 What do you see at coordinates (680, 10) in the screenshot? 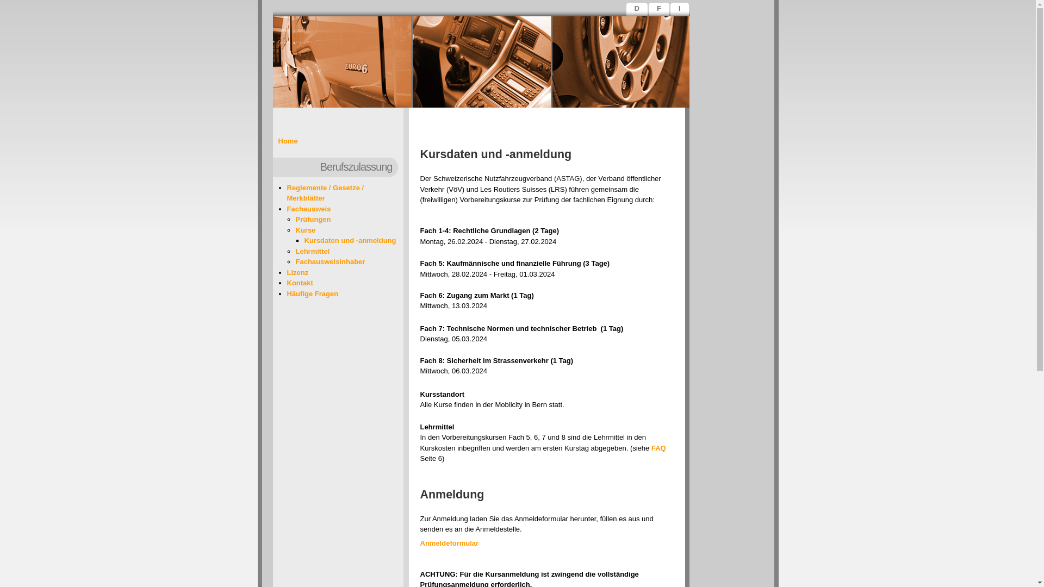
I see `'I'` at bounding box center [680, 10].